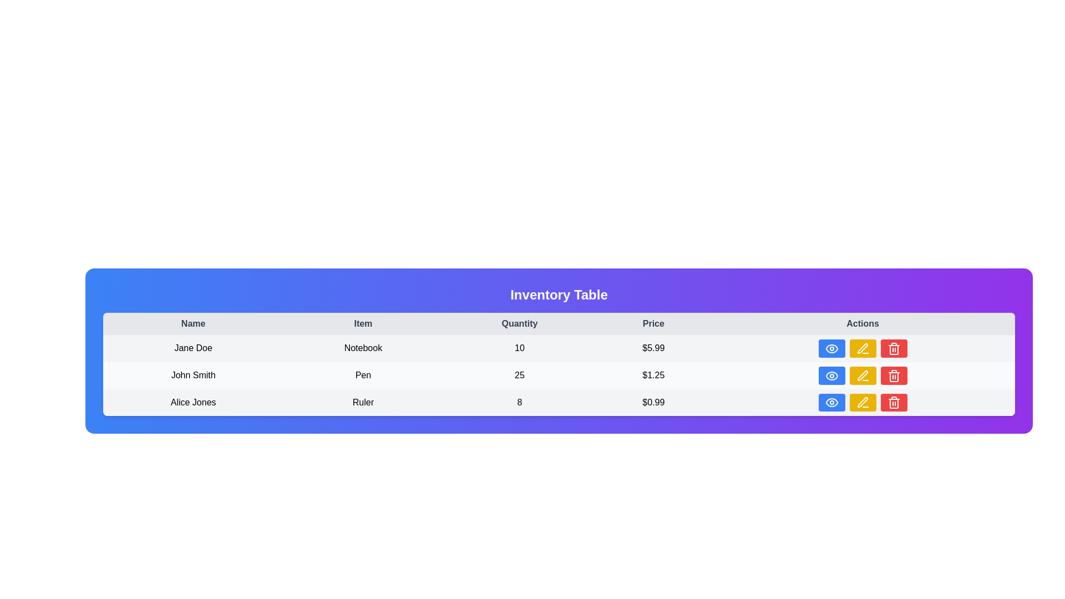 The height and width of the screenshot is (599, 1065). What do you see at coordinates (653, 348) in the screenshot?
I see `price text for the 'Notebook' item located in the fourth column of the first data row under the 'Price' header` at bounding box center [653, 348].